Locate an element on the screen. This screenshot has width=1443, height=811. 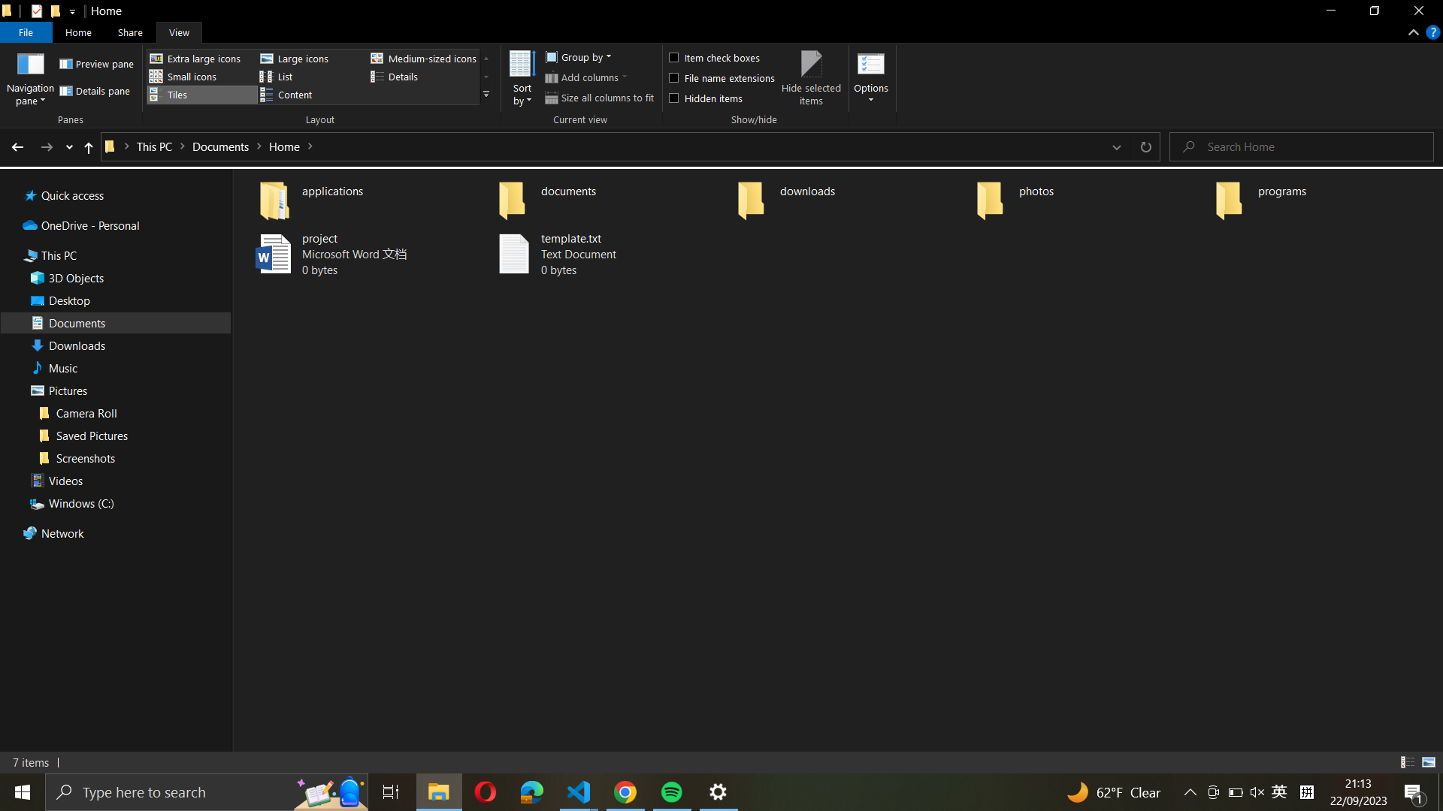
Copy "template.txt" into the "documents" folder only using keyboard shortcuts is located at coordinates (610, 255).